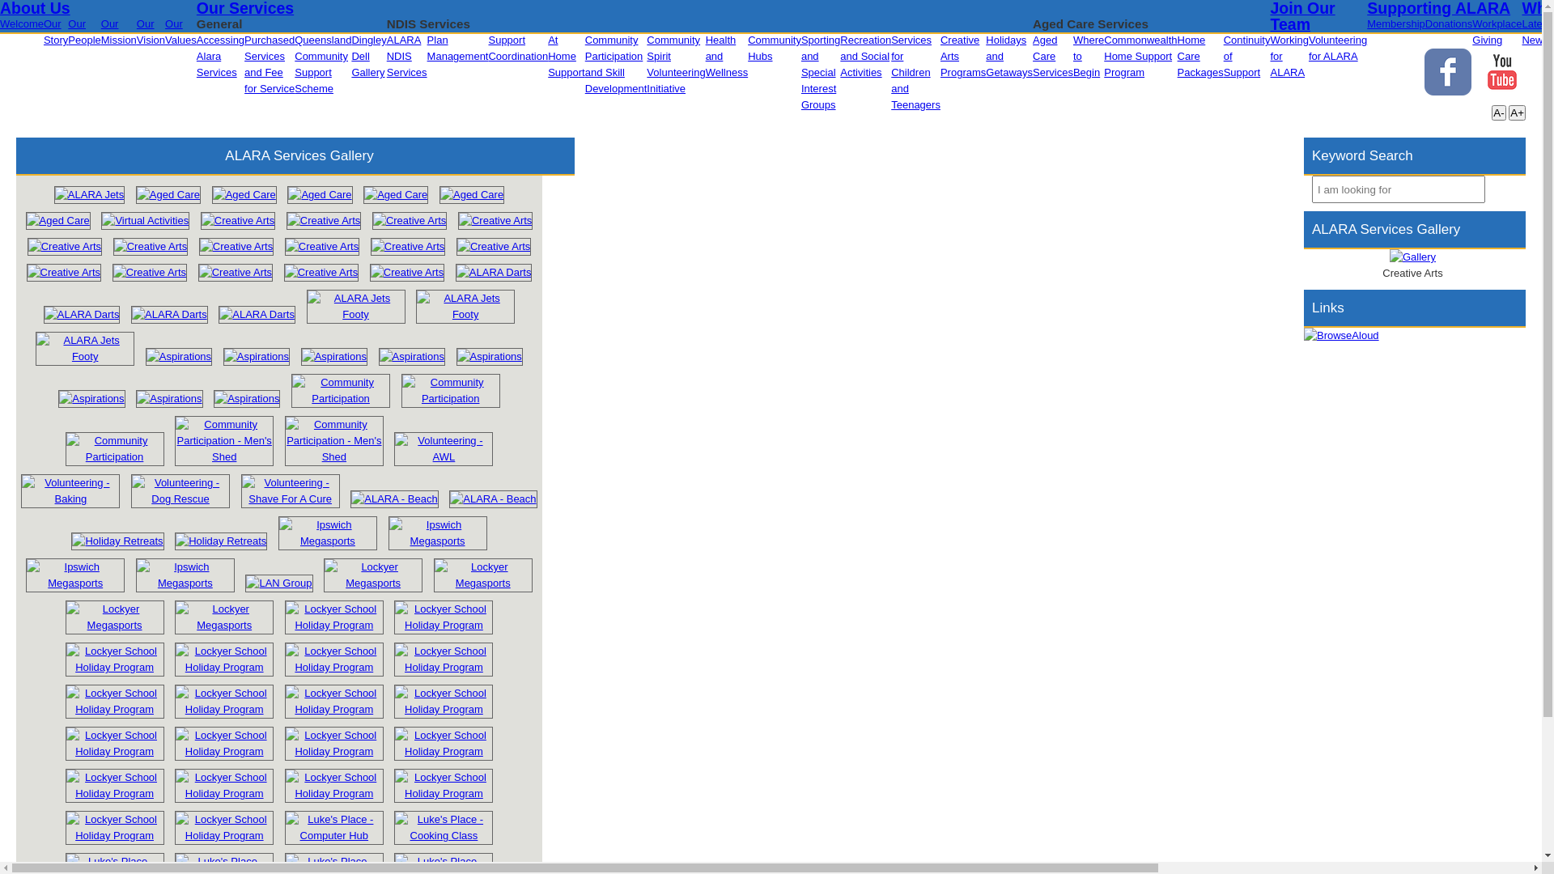 The image size is (1554, 874). Describe the element at coordinates (1496, 32) in the screenshot. I see `'Workplace Giving'` at that location.